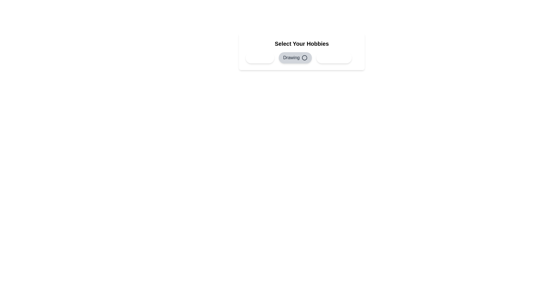  I want to click on the hobby chip labeled Traveling, so click(334, 58).